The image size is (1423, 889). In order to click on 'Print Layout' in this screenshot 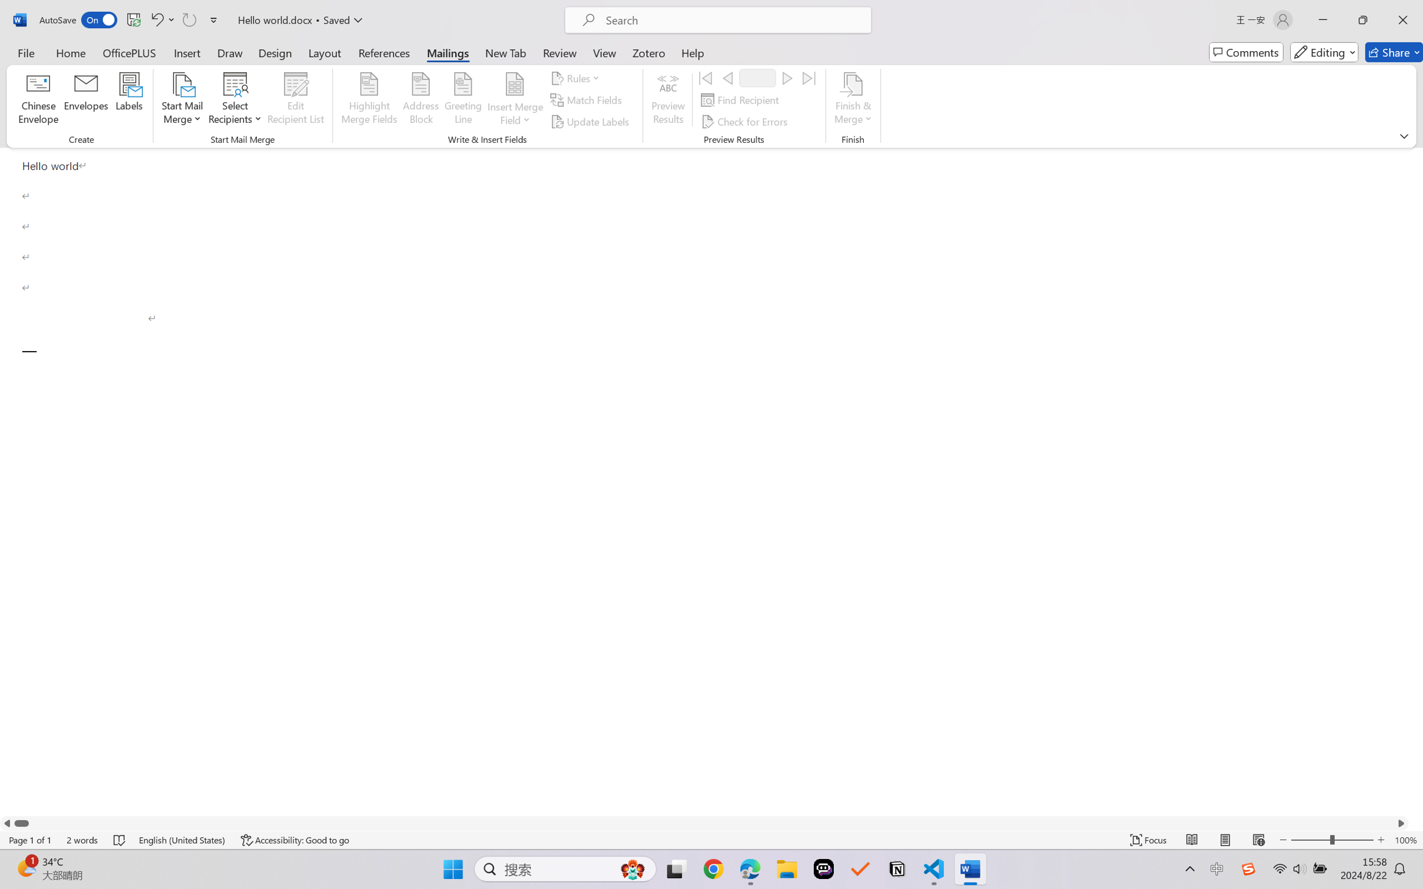, I will do `click(1225, 840)`.